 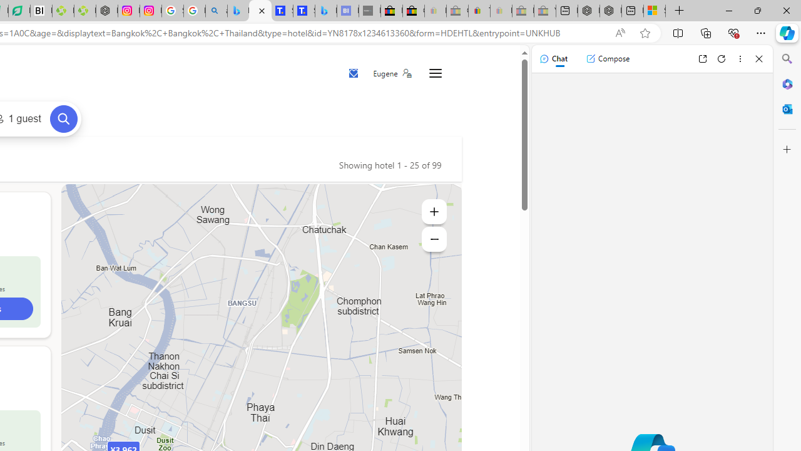 I want to click on 'Chat', so click(x=553, y=58).